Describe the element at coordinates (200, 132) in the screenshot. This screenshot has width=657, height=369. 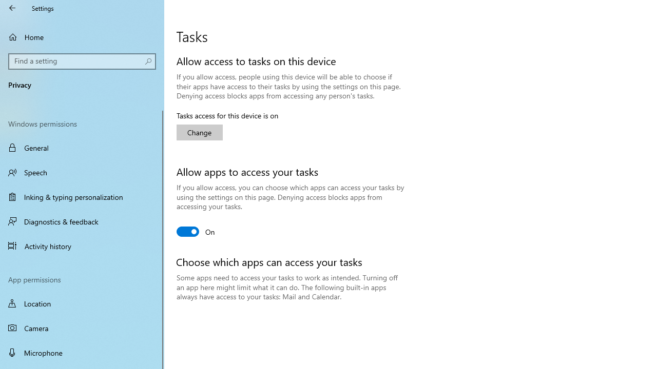
I see `'Change'` at that location.